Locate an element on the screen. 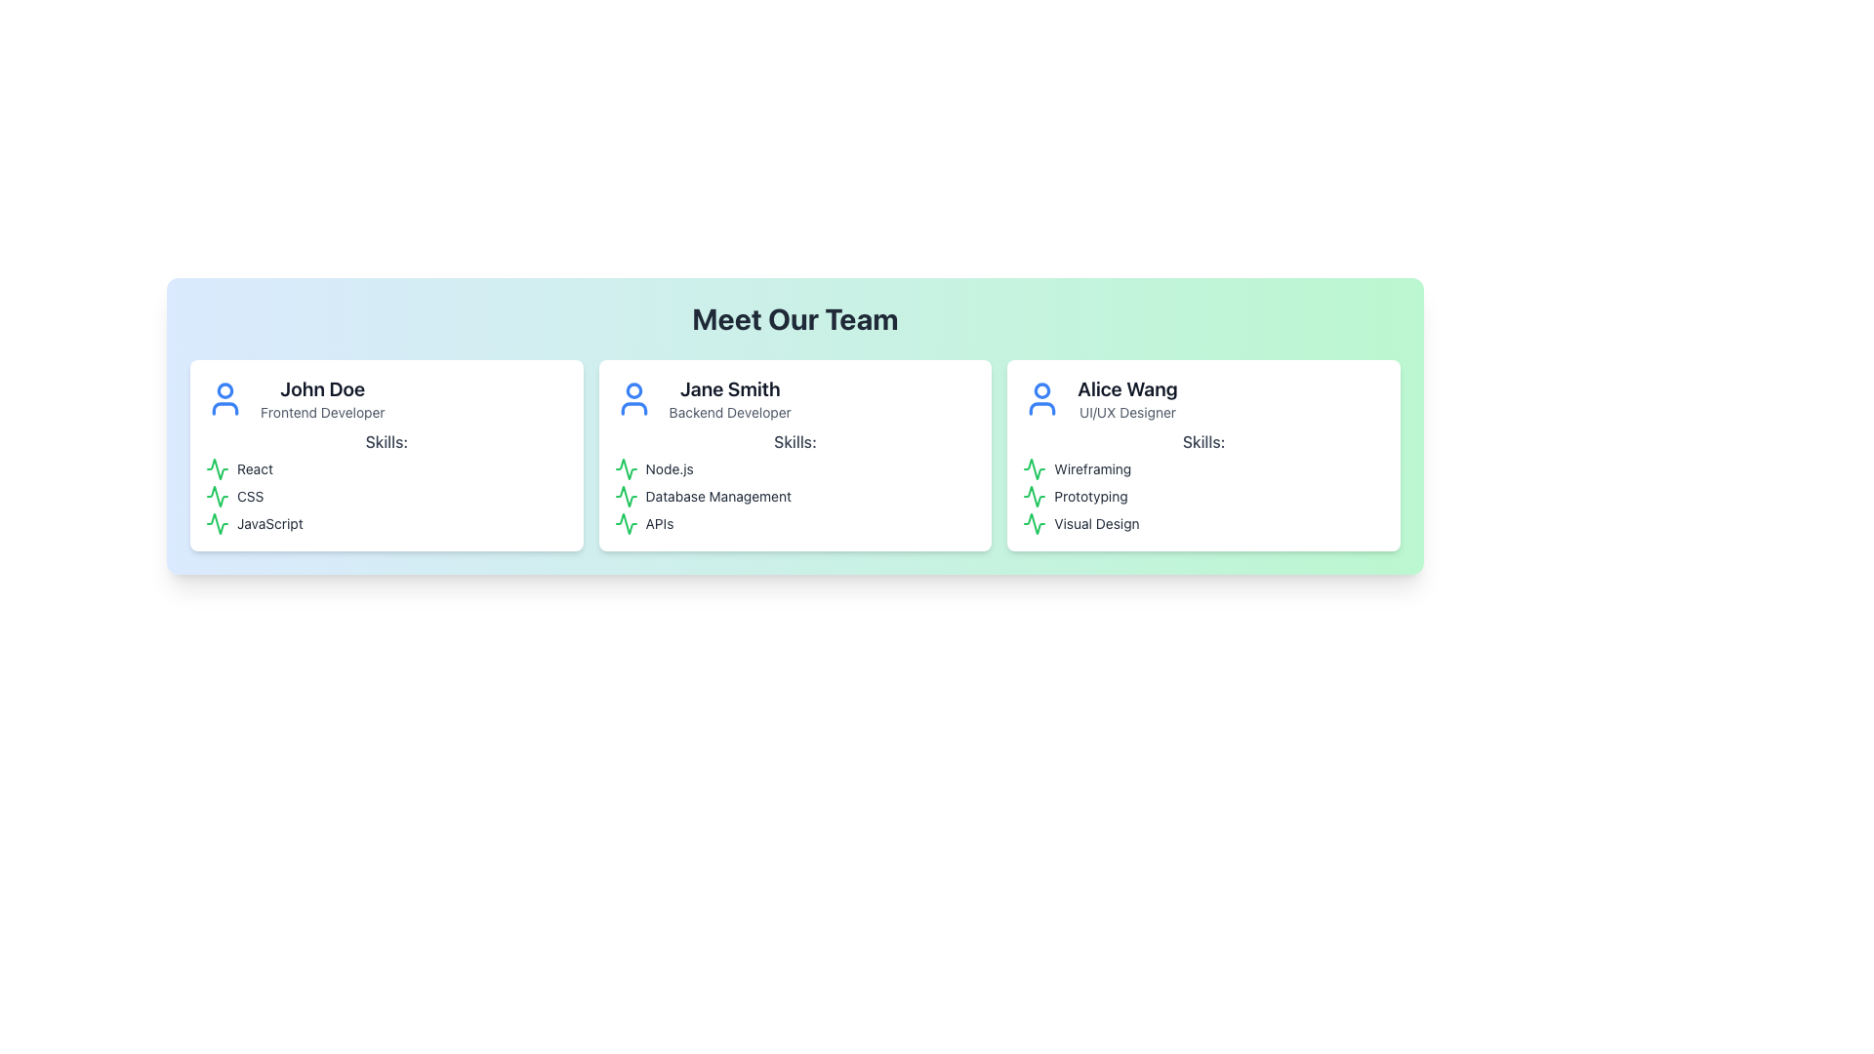 The width and height of the screenshot is (1874, 1054). the 'CSS' skill text label in the skills list for individual 'John Doe' is located at coordinates (387, 496).